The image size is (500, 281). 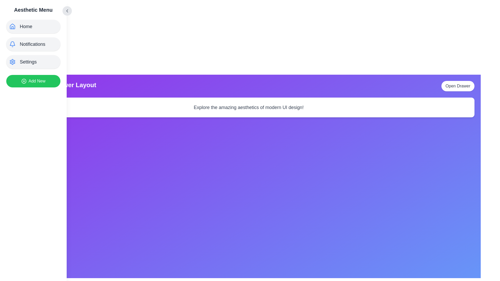 What do you see at coordinates (33, 10) in the screenshot?
I see `text of the 'Aesthetic Menu' label, which is displayed in large, bold, gray-black font at the upper-left corner of the side navigation menu` at bounding box center [33, 10].